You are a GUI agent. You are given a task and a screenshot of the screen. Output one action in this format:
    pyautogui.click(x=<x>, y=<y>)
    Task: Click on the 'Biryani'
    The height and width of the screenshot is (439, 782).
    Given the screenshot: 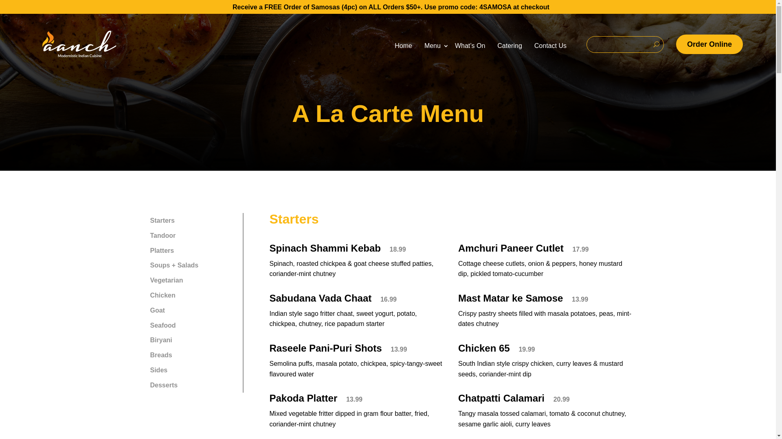 What is the action you would take?
    pyautogui.click(x=193, y=340)
    